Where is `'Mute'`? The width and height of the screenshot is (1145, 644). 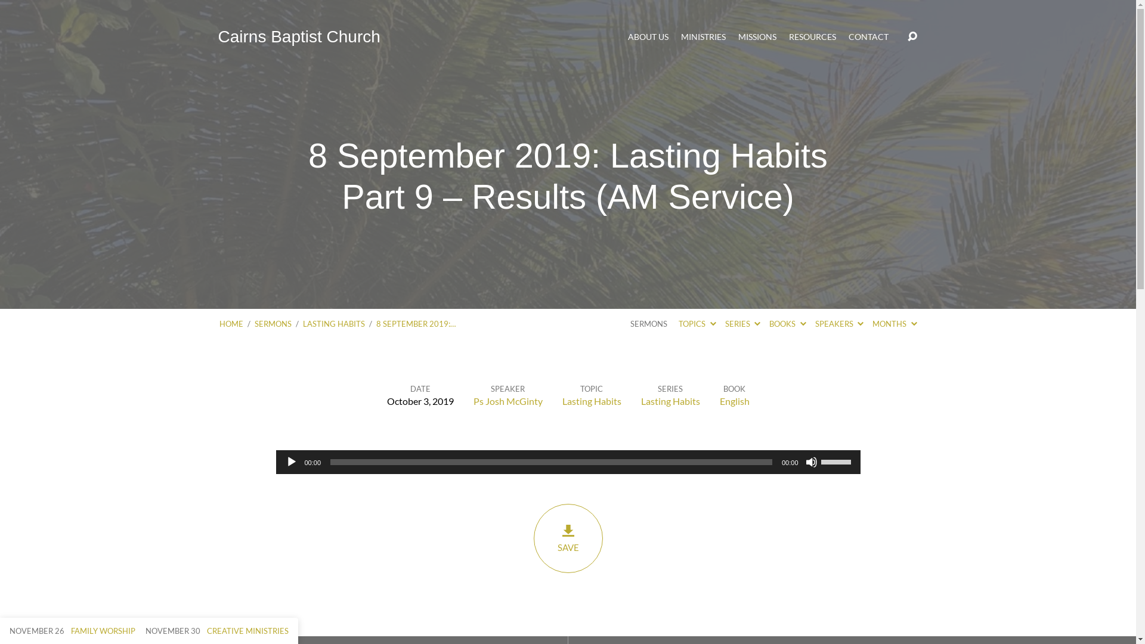 'Mute' is located at coordinates (810, 462).